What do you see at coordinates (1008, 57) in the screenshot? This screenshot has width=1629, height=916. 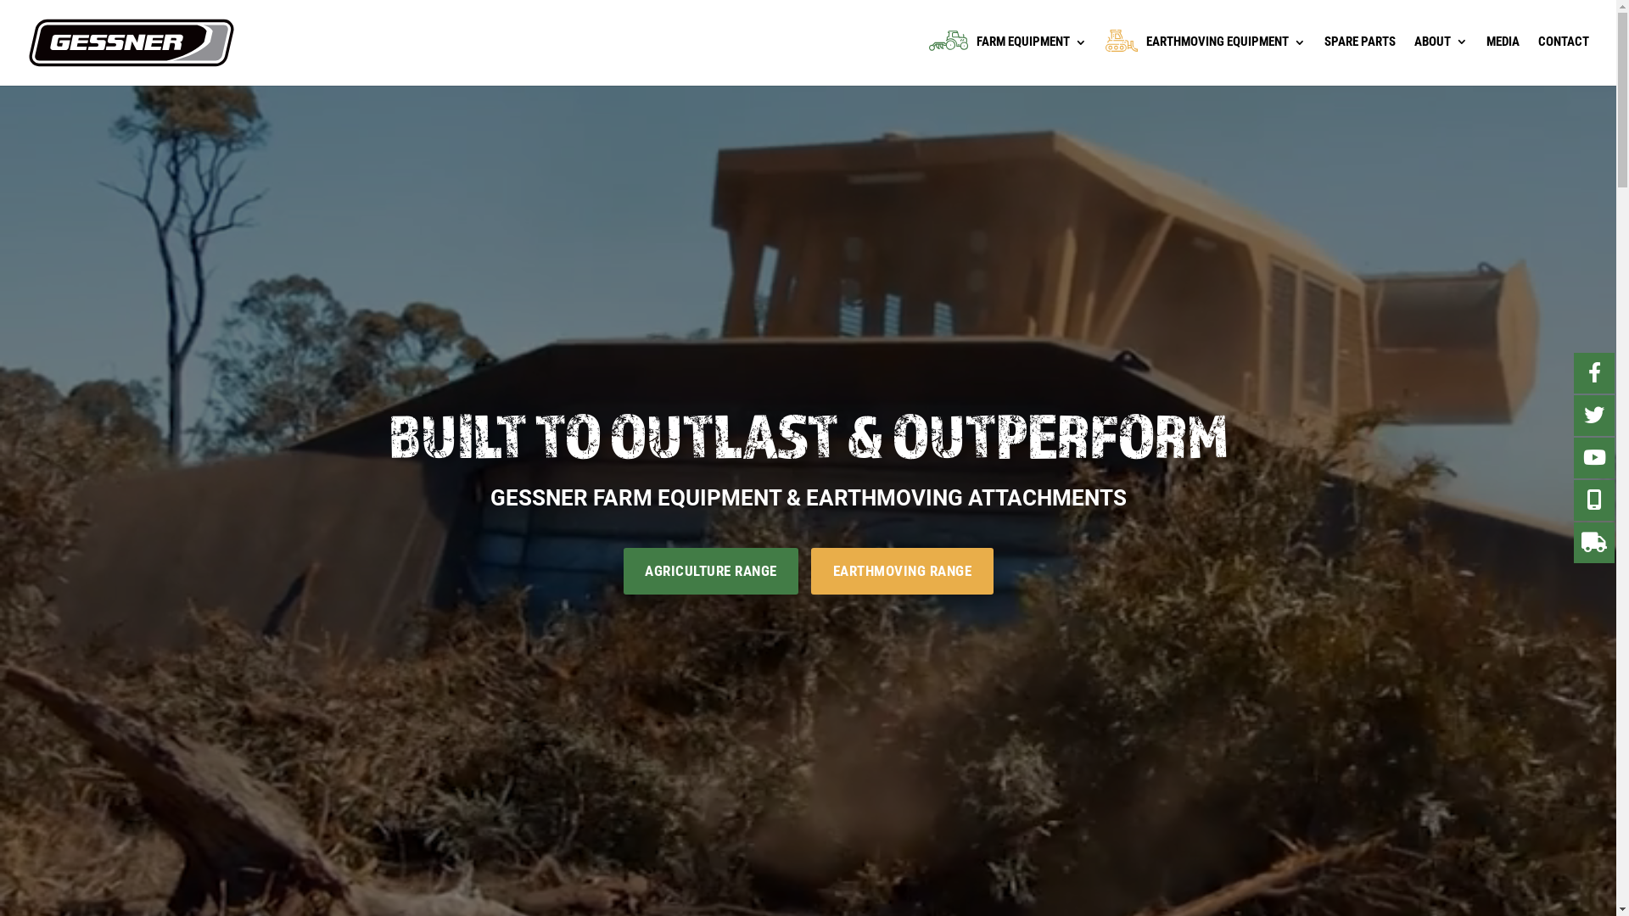 I see `'FARM EQUIPMENT'` at bounding box center [1008, 57].